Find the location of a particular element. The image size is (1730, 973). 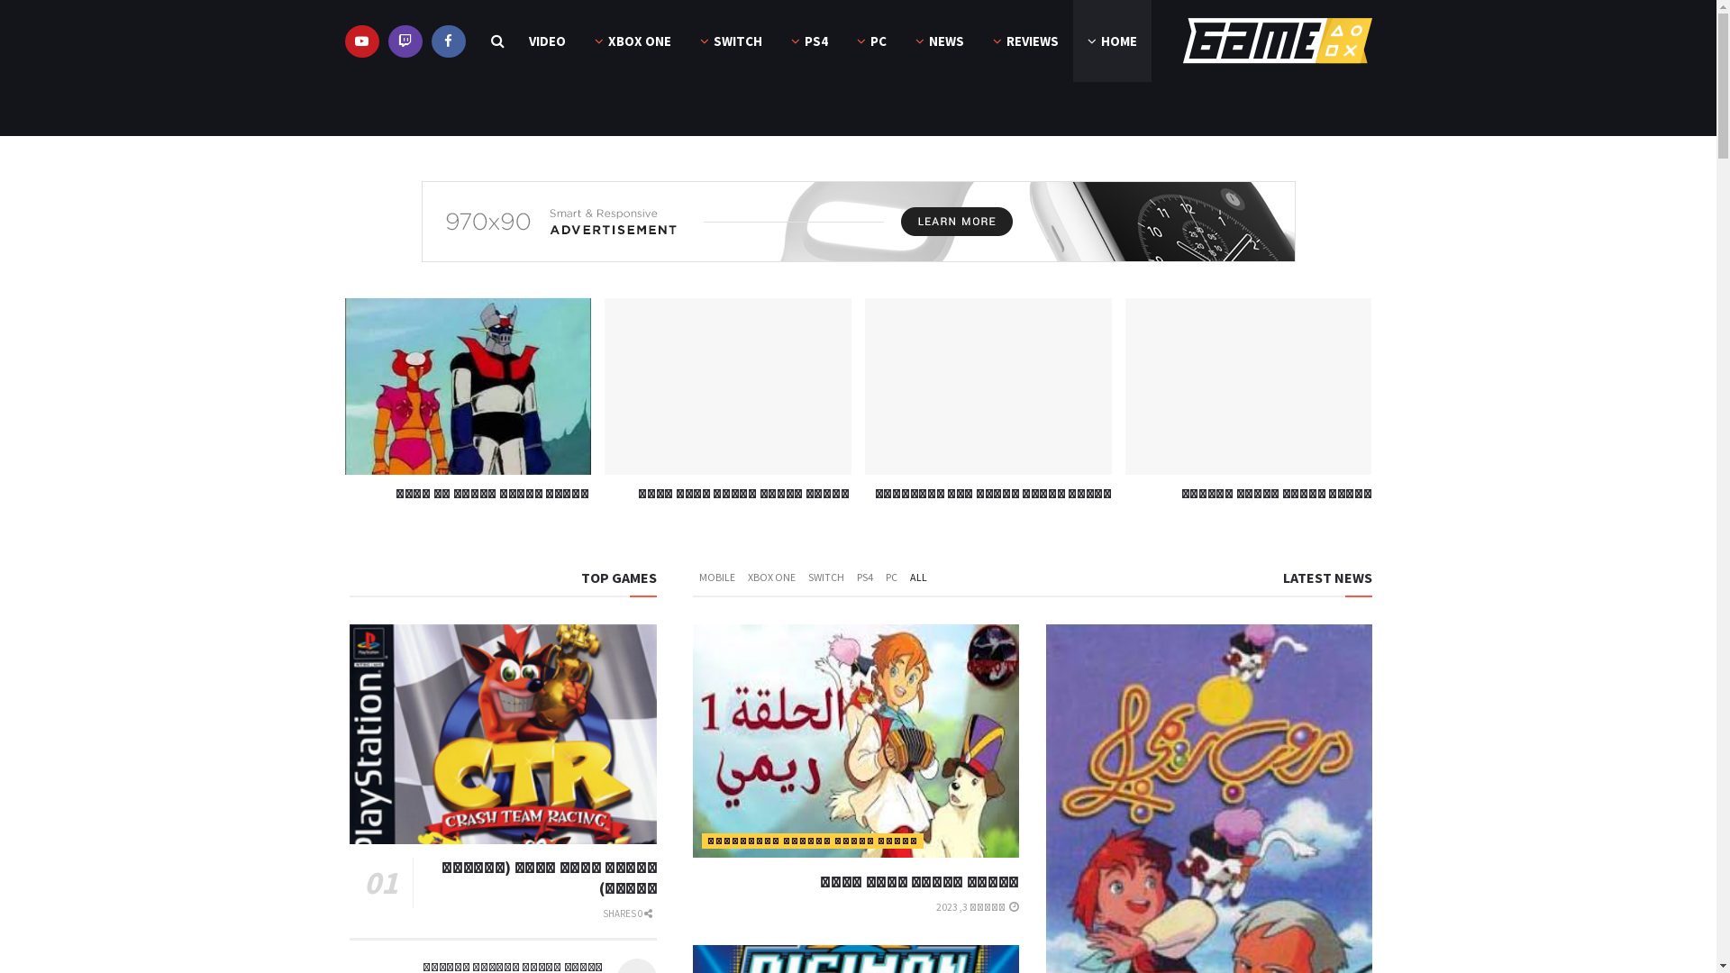

'XBOX ONE' is located at coordinates (633, 41).